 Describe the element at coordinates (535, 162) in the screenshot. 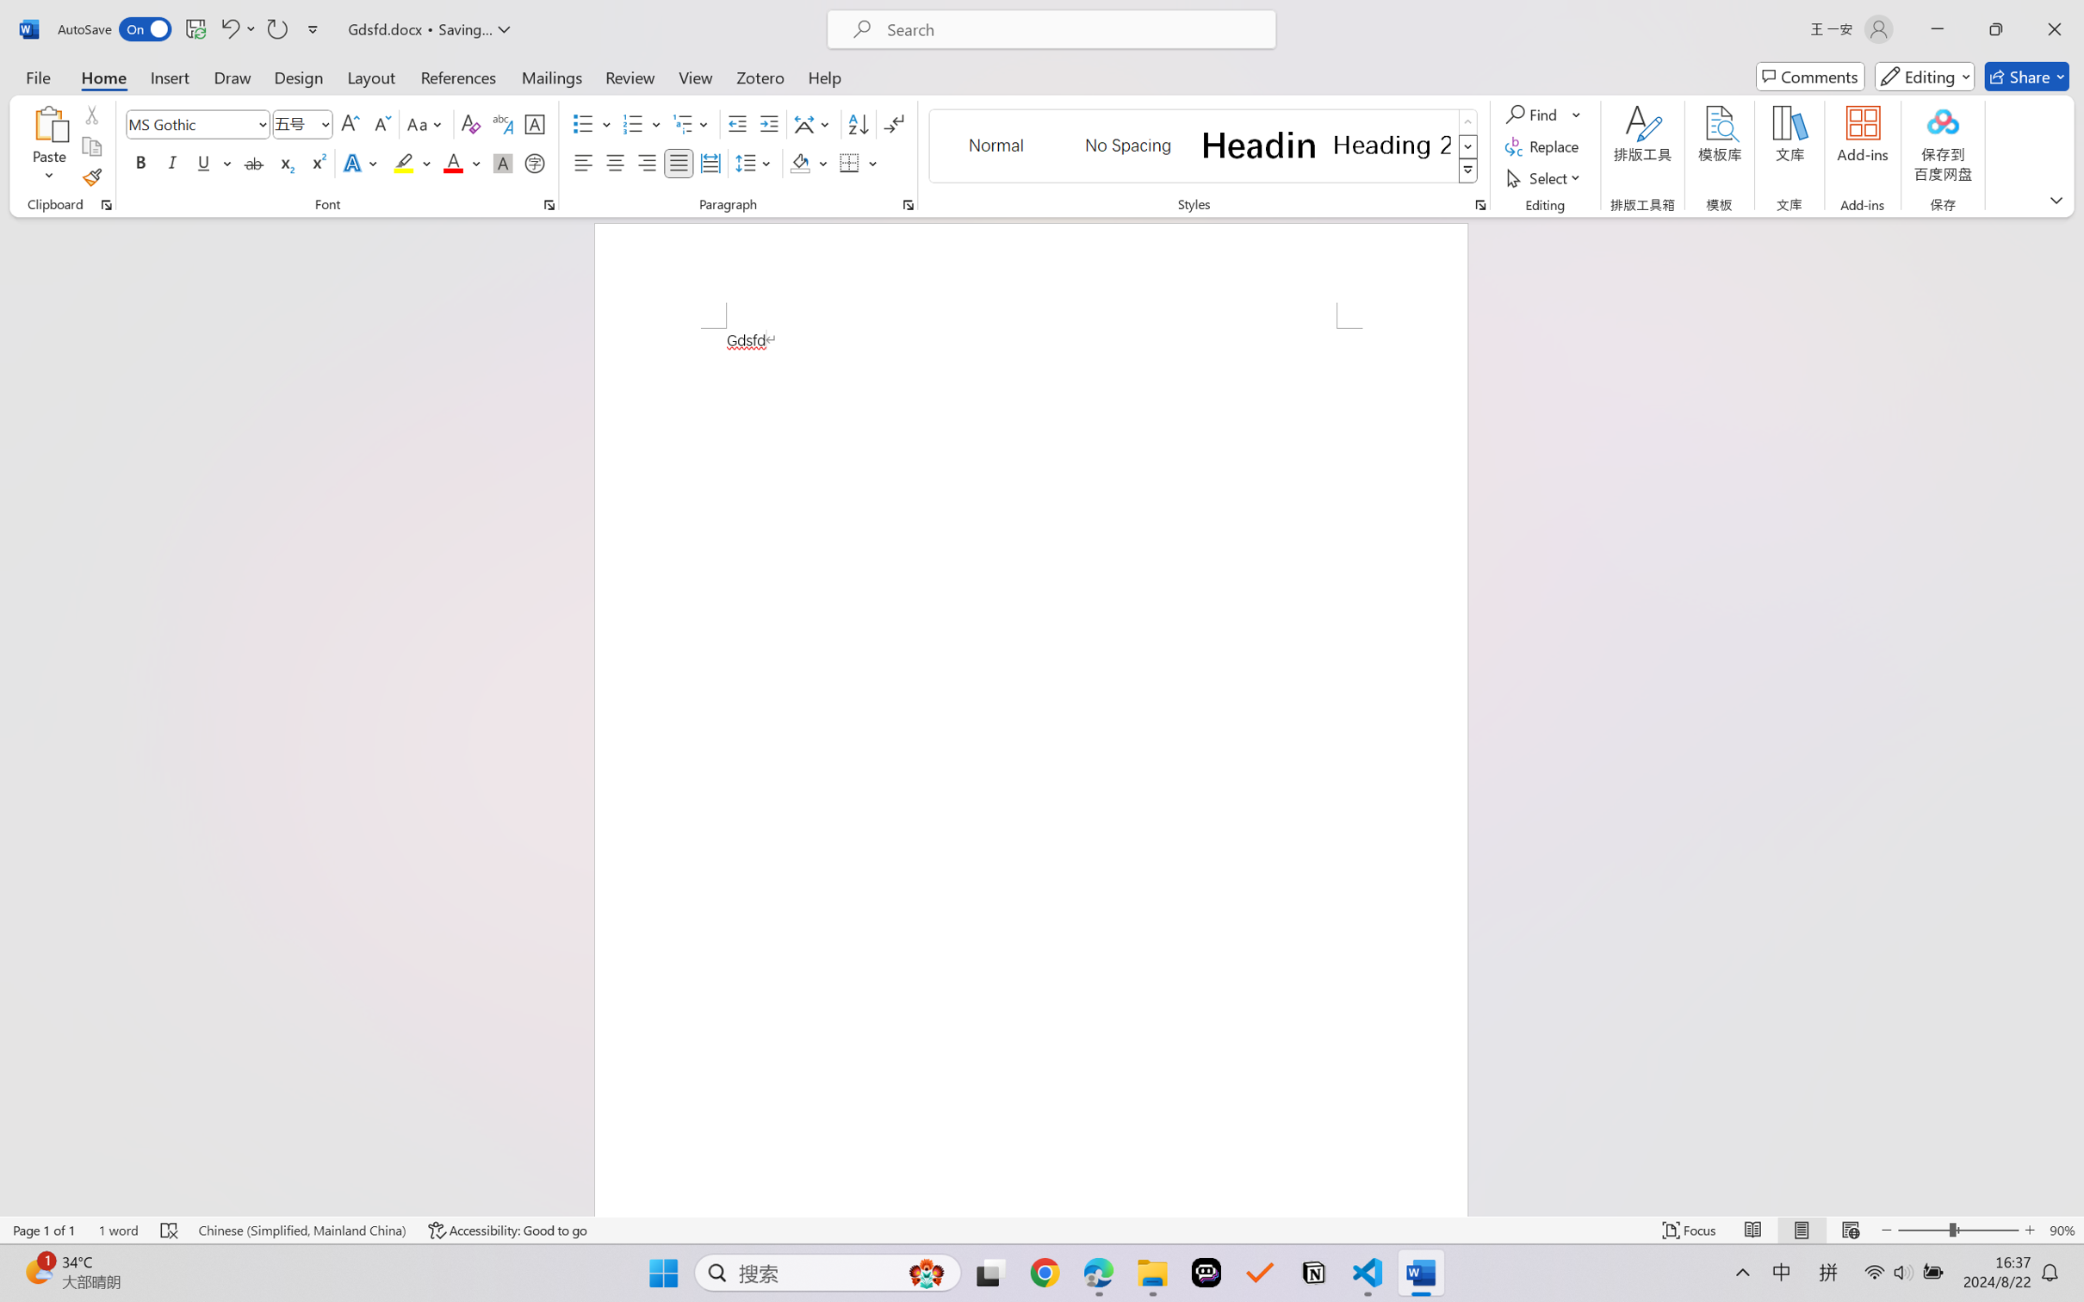

I see `'Enclose Characters...'` at that location.